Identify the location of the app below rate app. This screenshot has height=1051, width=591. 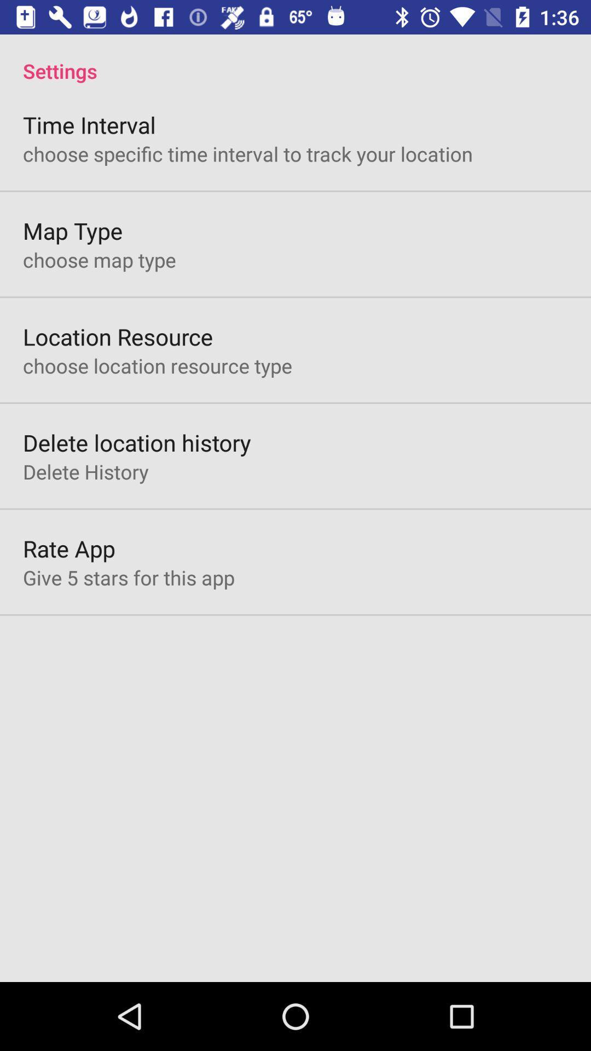
(128, 577).